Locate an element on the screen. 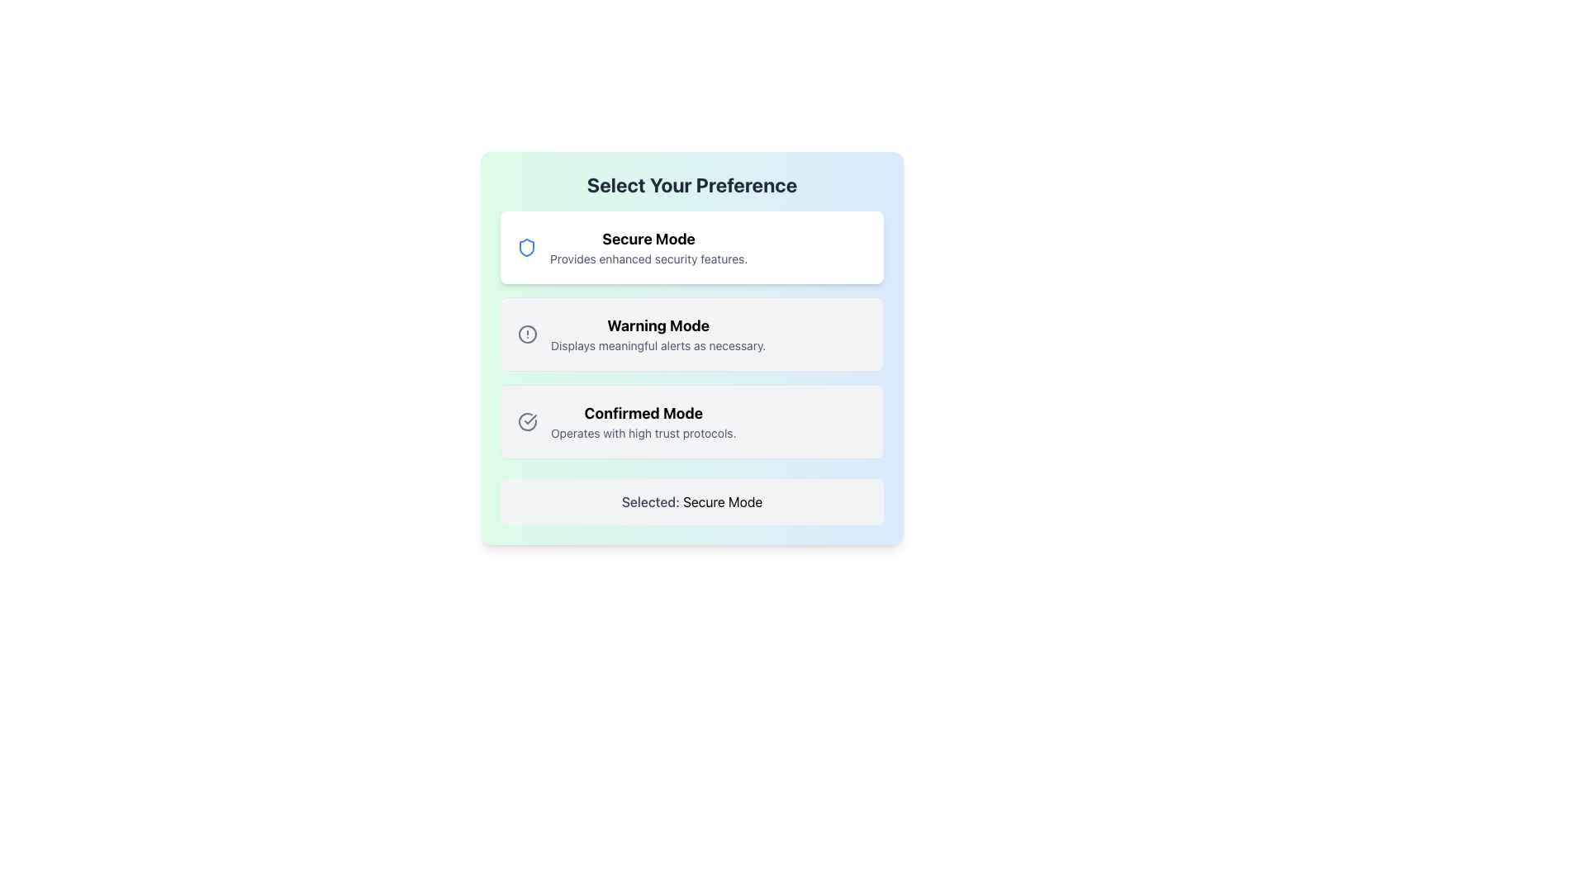 The height and width of the screenshot is (892, 1586). the heading text element that serves as the title or heading for the UI panel, located at the top of the gradient-background block is located at coordinates (692, 184).